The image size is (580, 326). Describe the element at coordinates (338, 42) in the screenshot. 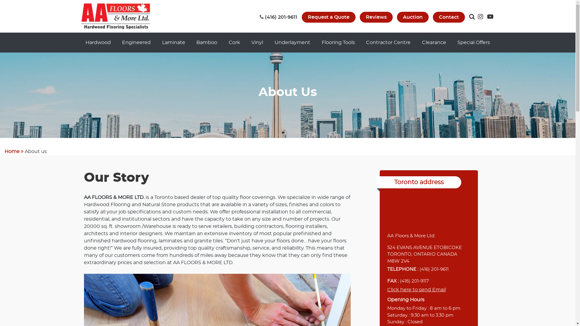

I see `'Flooring Tools'` at that location.